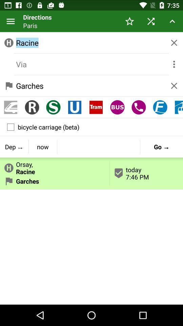 This screenshot has width=183, height=326. Describe the element at coordinates (91, 127) in the screenshot. I see `bicycle carriage (beta) checkbox` at that location.